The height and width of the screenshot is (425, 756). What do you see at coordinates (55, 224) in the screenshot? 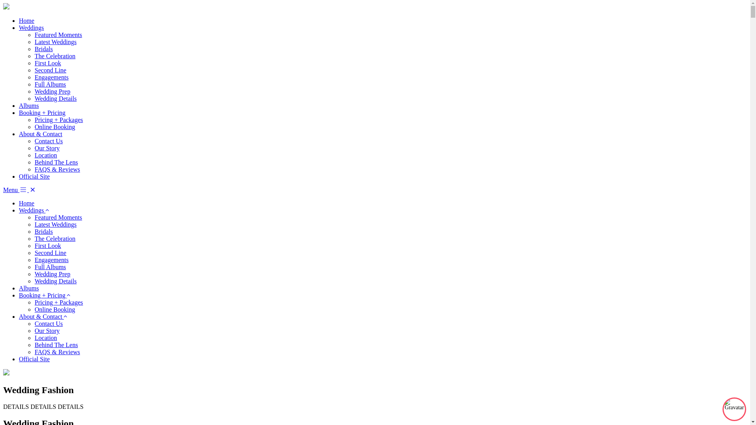
I see `'Latest Weddings'` at bounding box center [55, 224].